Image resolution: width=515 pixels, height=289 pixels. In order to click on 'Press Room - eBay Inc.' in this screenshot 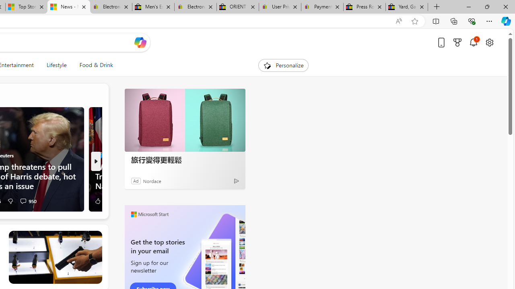, I will do `click(364, 7)`.